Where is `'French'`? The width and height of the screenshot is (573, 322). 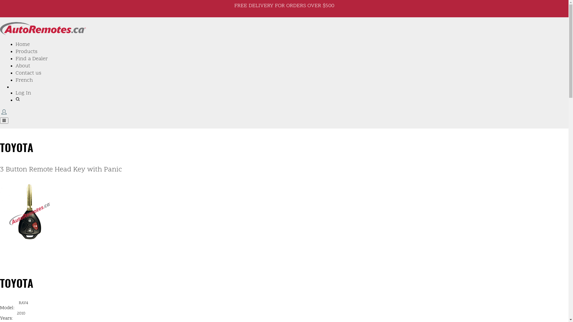
'French' is located at coordinates (24, 80).